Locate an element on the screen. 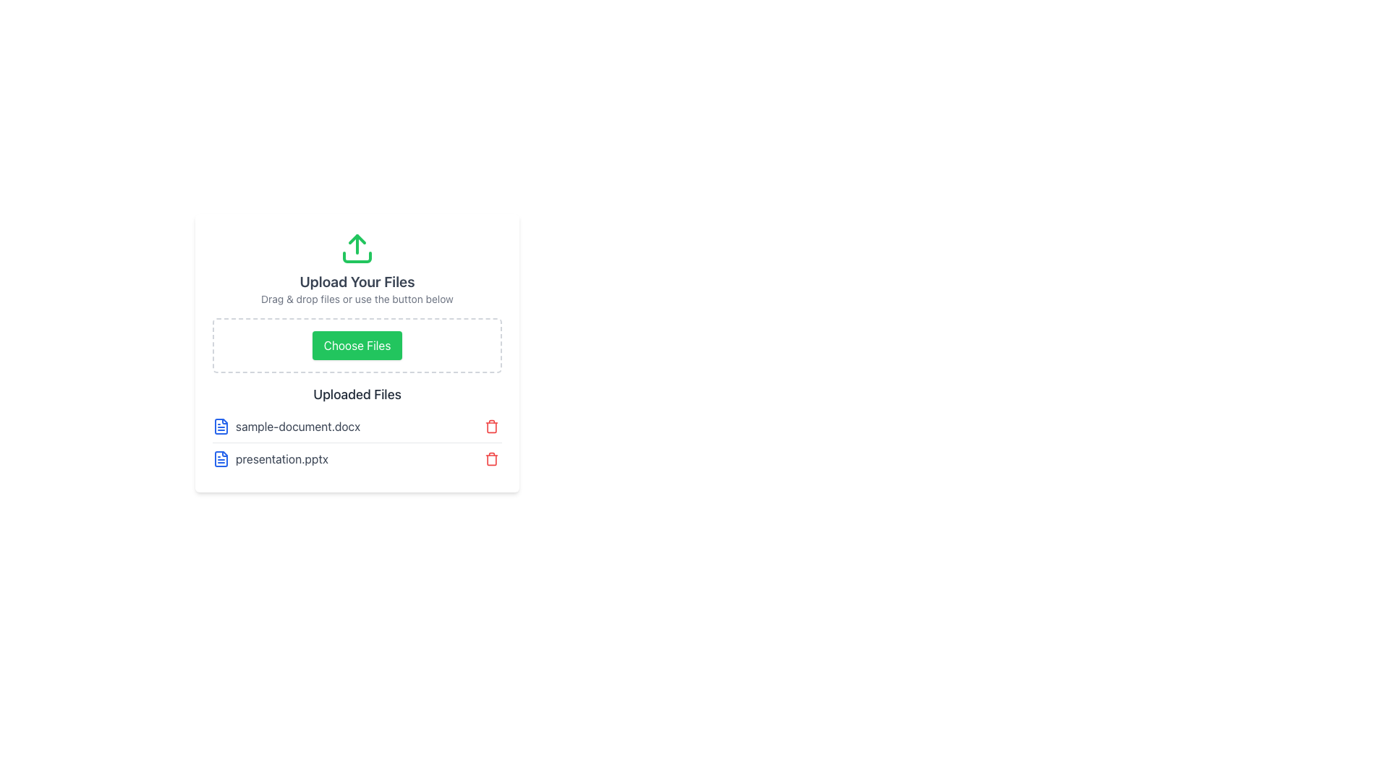 This screenshot has width=1389, height=781. the blue document icon next to the text 'presentation.pptx' is located at coordinates (221, 459).